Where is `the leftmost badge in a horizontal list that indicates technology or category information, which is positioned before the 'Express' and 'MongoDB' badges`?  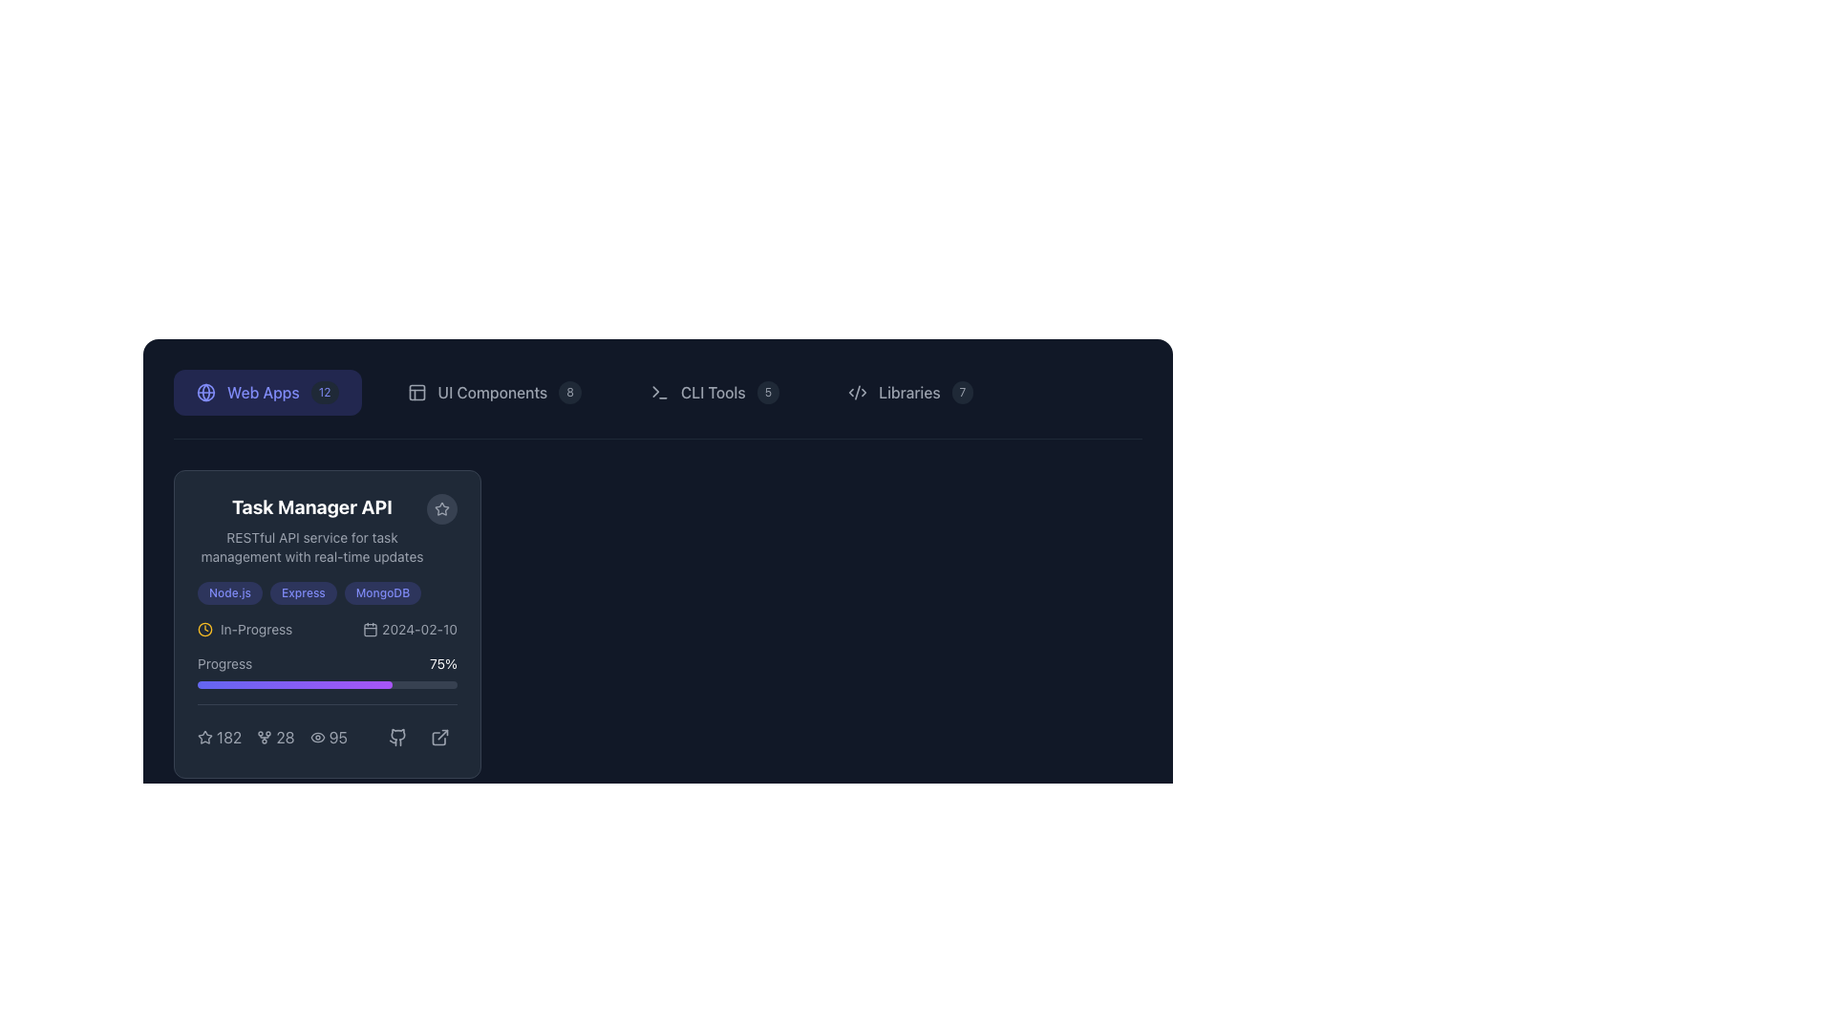 the leftmost badge in a horizontal list that indicates technology or category information, which is positioned before the 'Express' and 'MongoDB' badges is located at coordinates (229, 592).